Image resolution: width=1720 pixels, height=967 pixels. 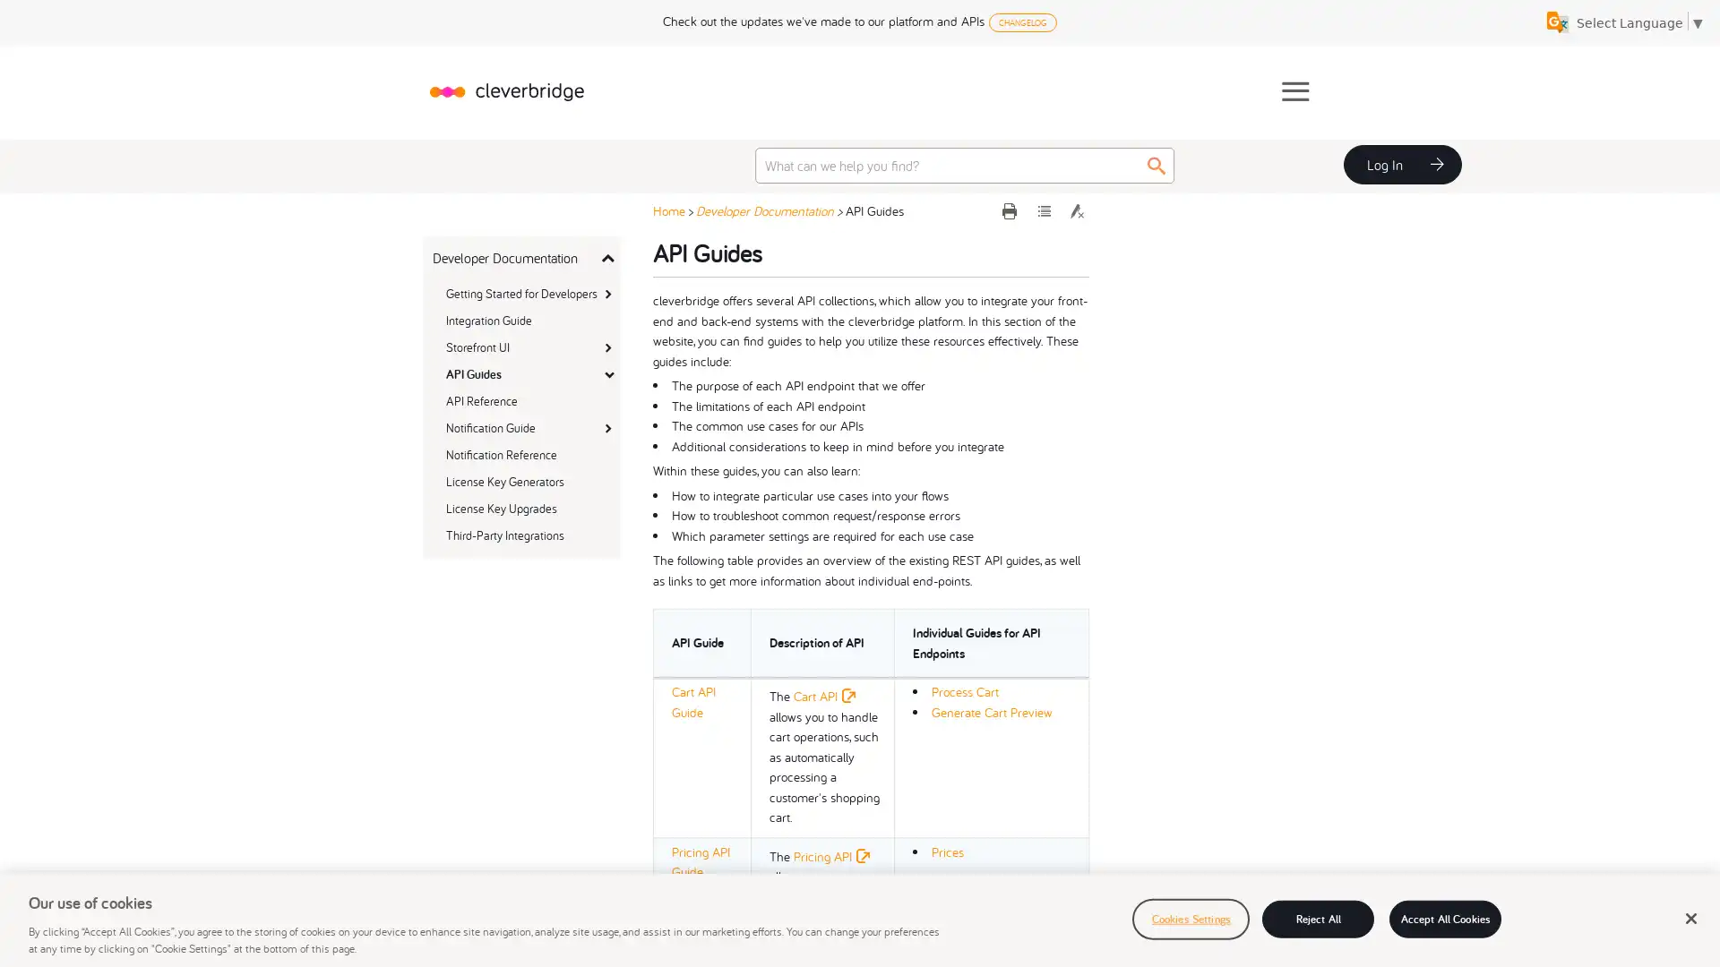 What do you see at coordinates (1191, 919) in the screenshot?
I see `Cookies Settings` at bounding box center [1191, 919].